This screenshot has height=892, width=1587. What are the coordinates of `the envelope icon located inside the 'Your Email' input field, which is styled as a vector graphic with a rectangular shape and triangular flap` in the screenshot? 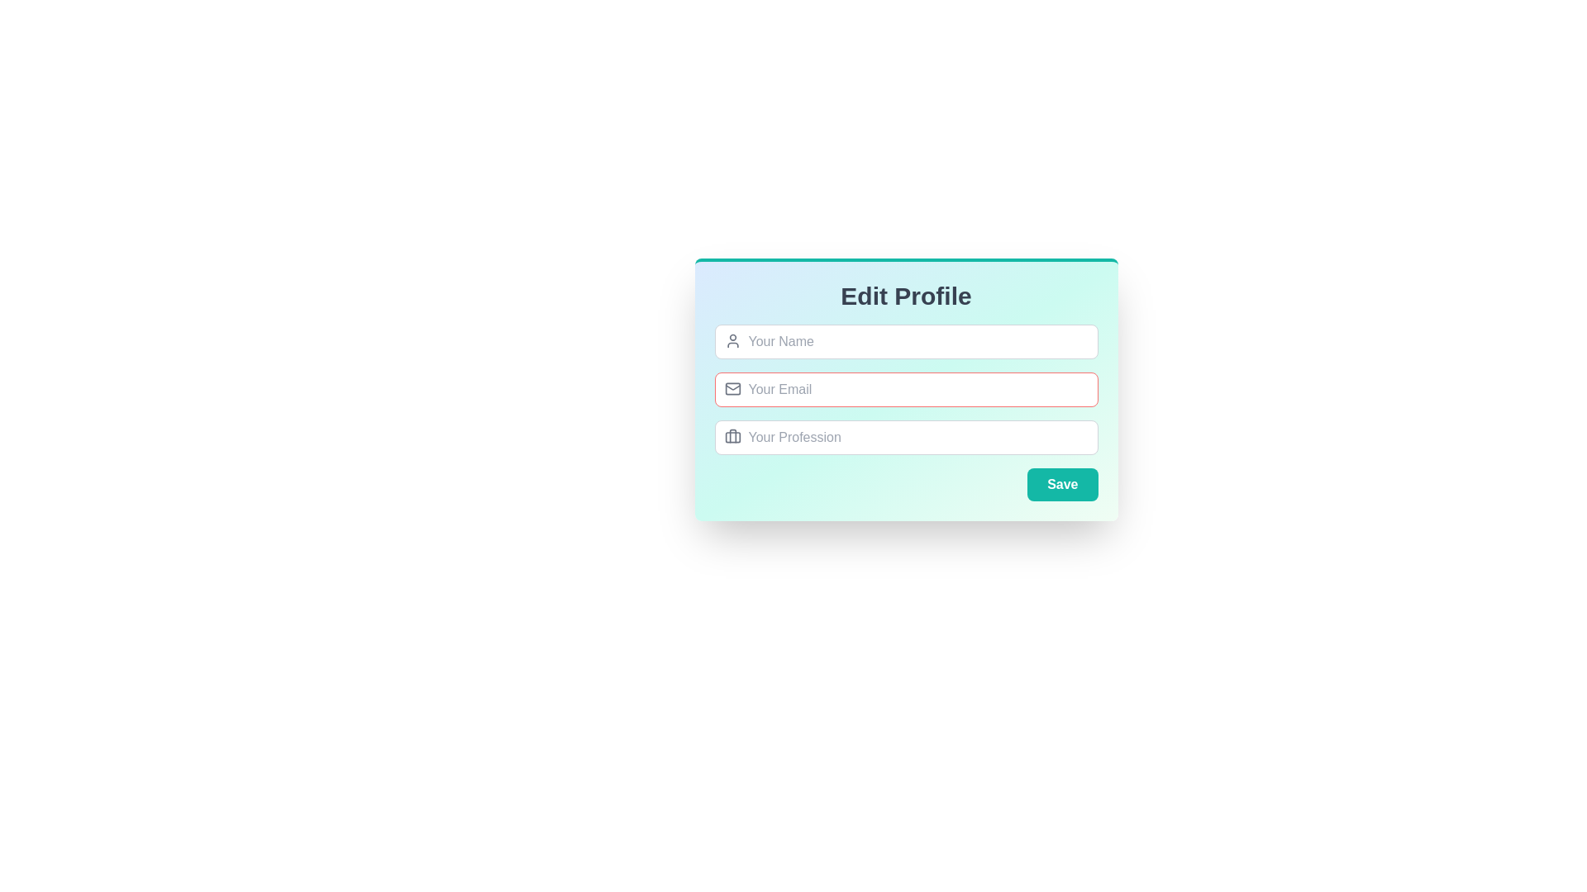 It's located at (732, 388).